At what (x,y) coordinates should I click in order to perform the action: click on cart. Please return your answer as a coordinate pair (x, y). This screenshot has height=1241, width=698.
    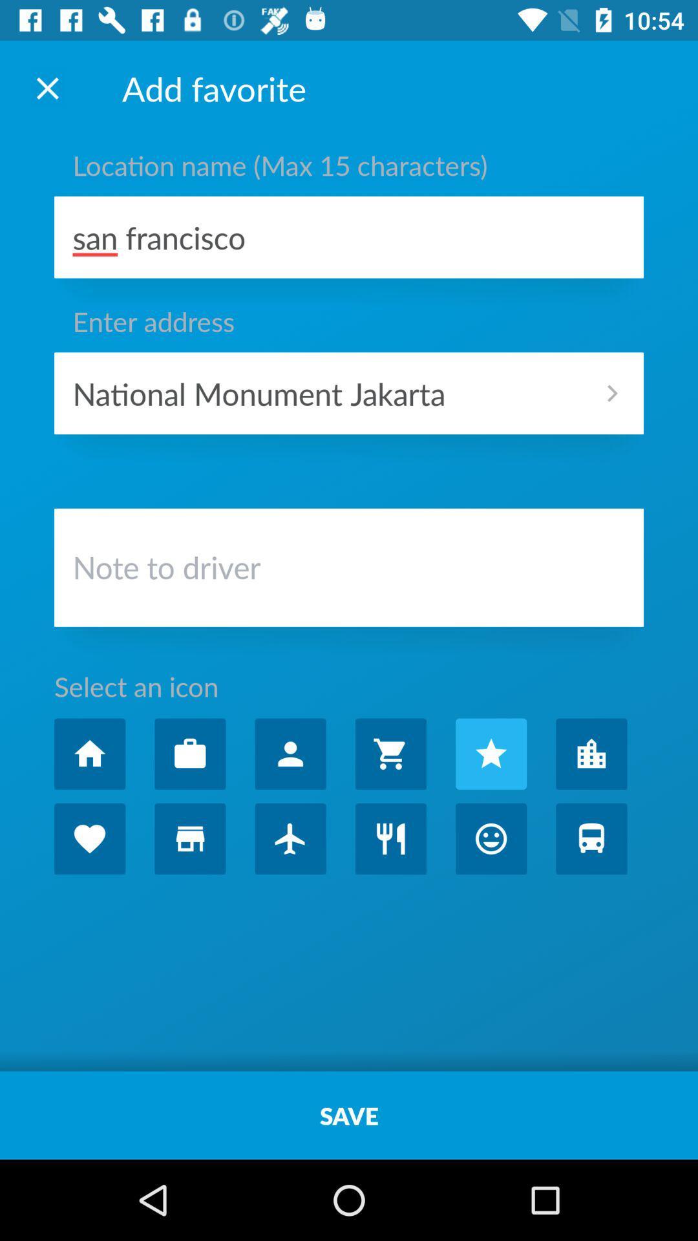
    Looking at the image, I should click on (390, 754).